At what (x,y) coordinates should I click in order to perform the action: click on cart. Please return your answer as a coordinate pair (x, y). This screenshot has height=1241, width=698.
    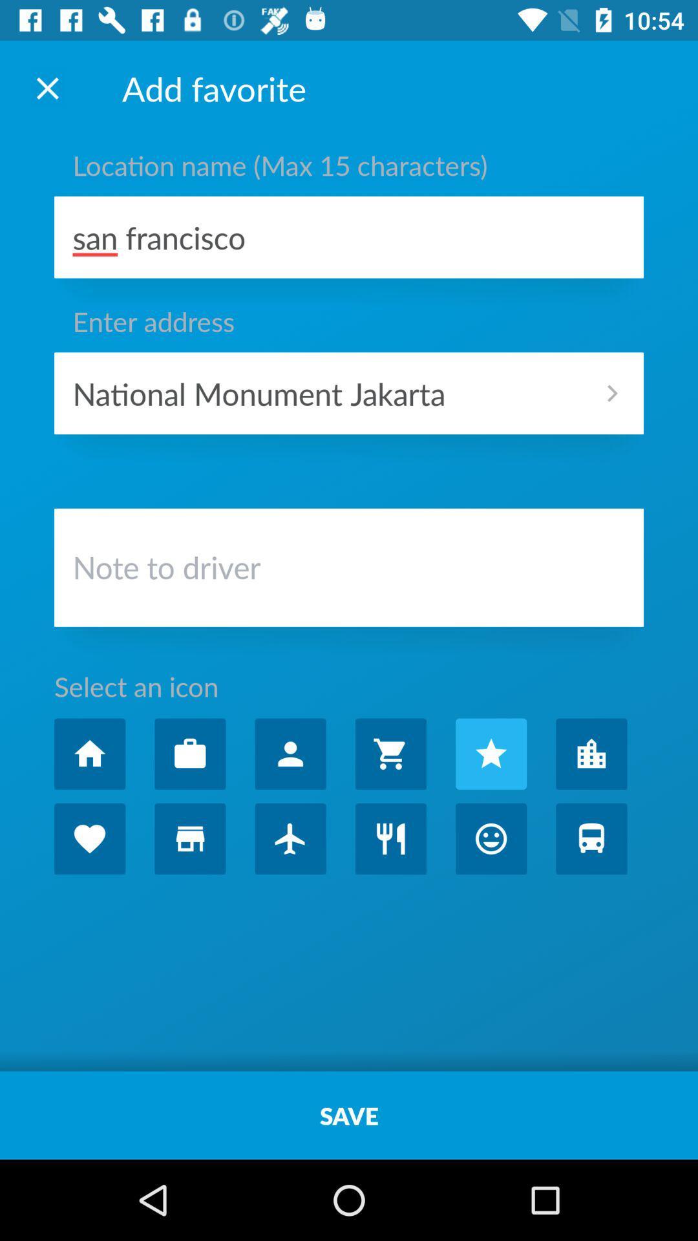
    Looking at the image, I should click on (390, 754).